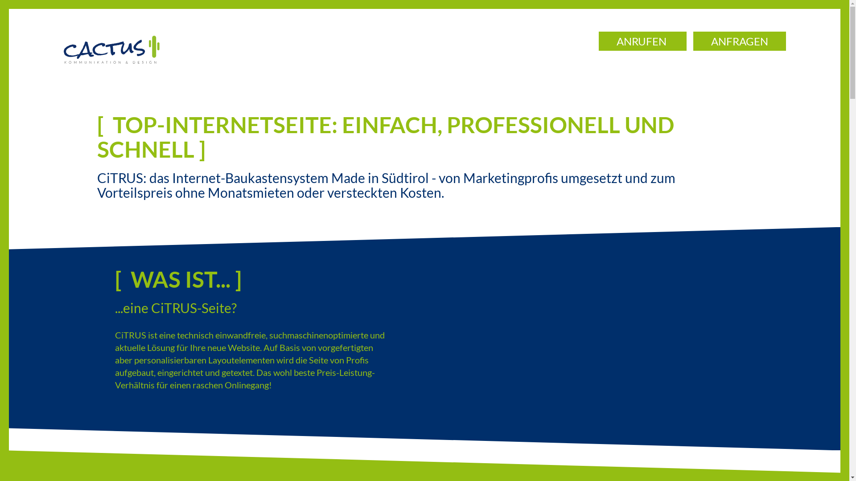  What do you see at coordinates (642, 41) in the screenshot?
I see `'ANRUFEN'` at bounding box center [642, 41].